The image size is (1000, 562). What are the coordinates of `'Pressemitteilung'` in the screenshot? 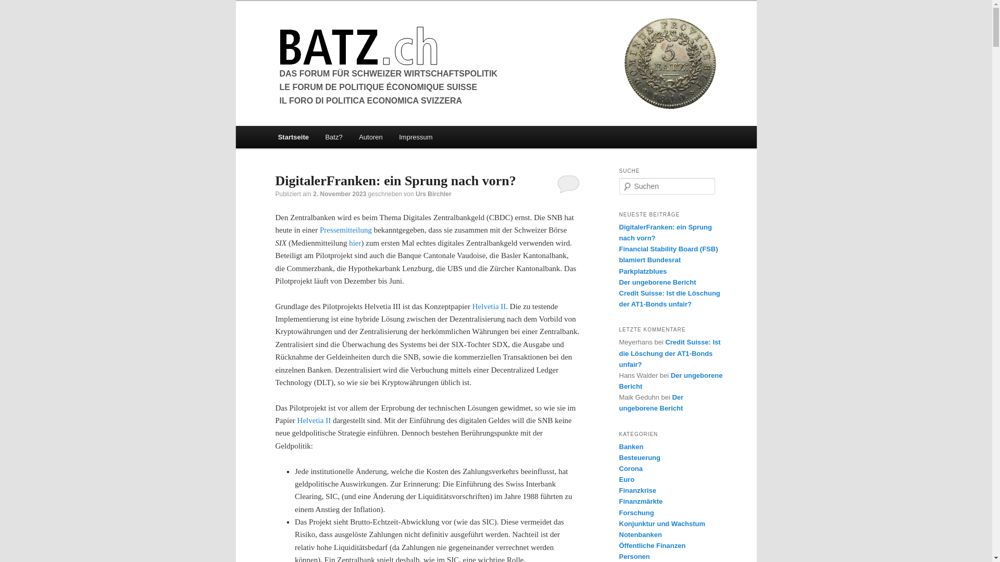 It's located at (345, 229).